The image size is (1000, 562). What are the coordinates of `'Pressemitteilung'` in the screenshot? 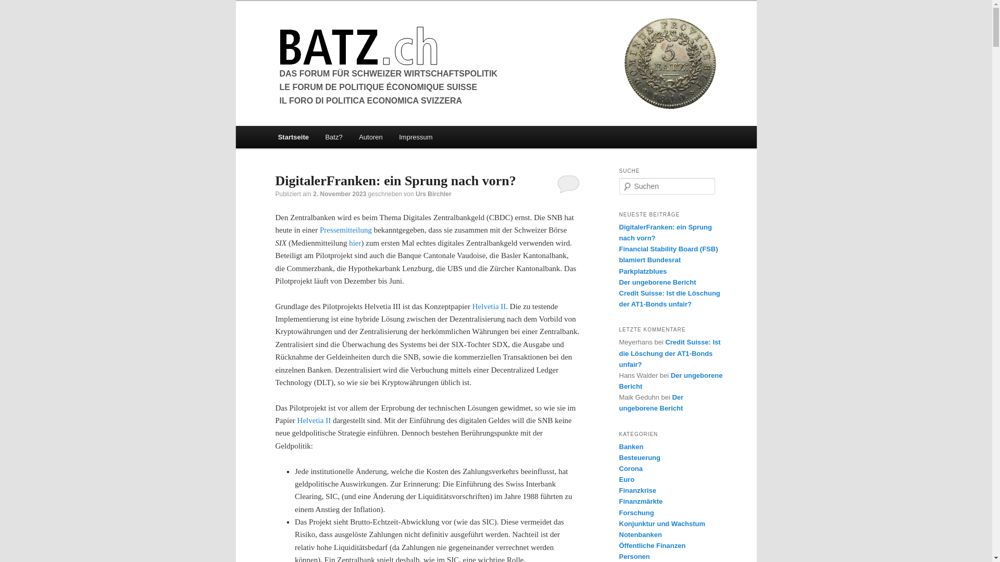 It's located at (345, 229).